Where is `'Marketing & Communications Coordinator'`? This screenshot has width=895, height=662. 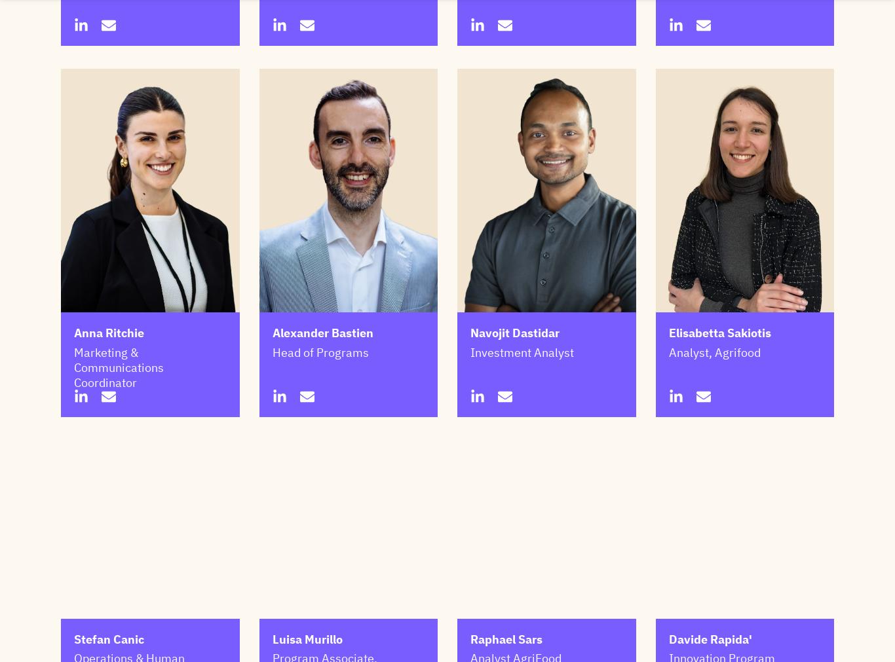 'Marketing & Communications Coordinator' is located at coordinates (73, 367).